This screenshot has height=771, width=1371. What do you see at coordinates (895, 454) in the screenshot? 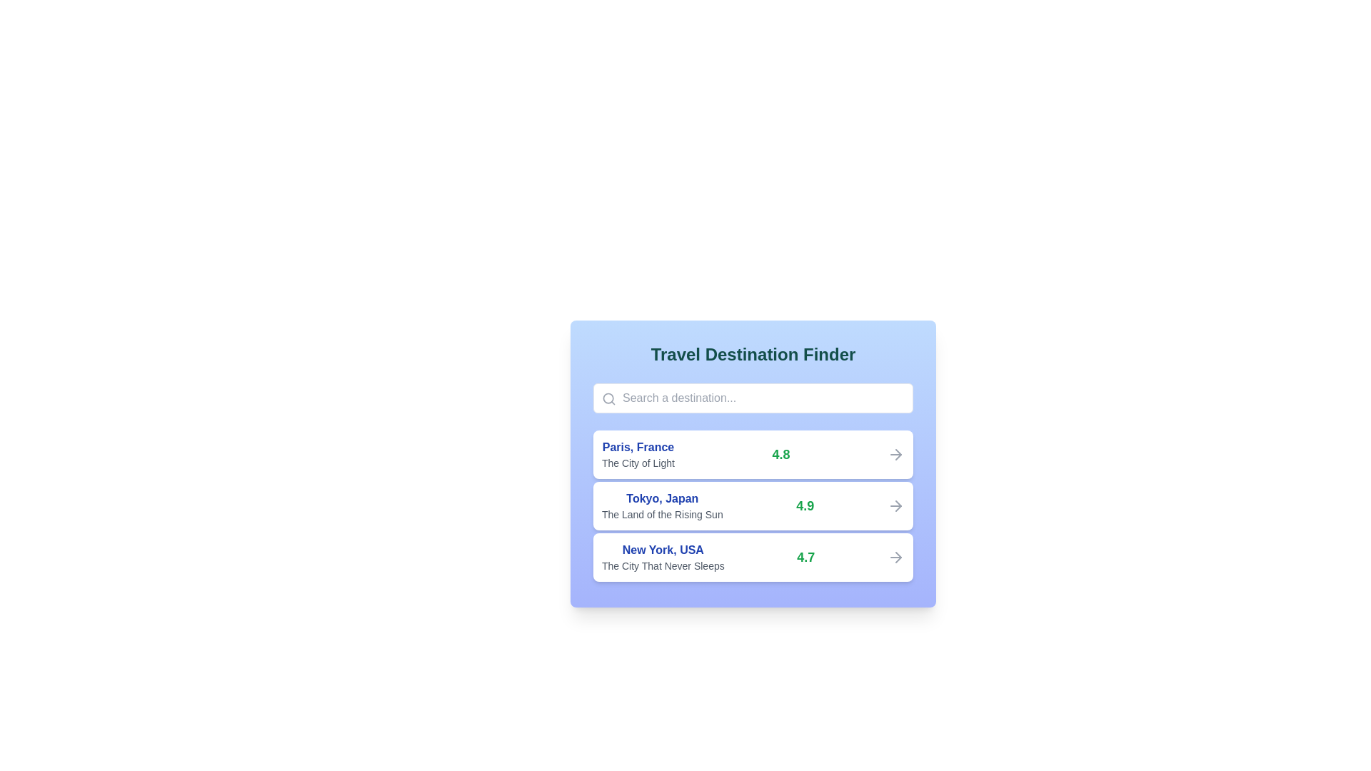
I see `the navigation icon for 'Paris, France'` at bounding box center [895, 454].